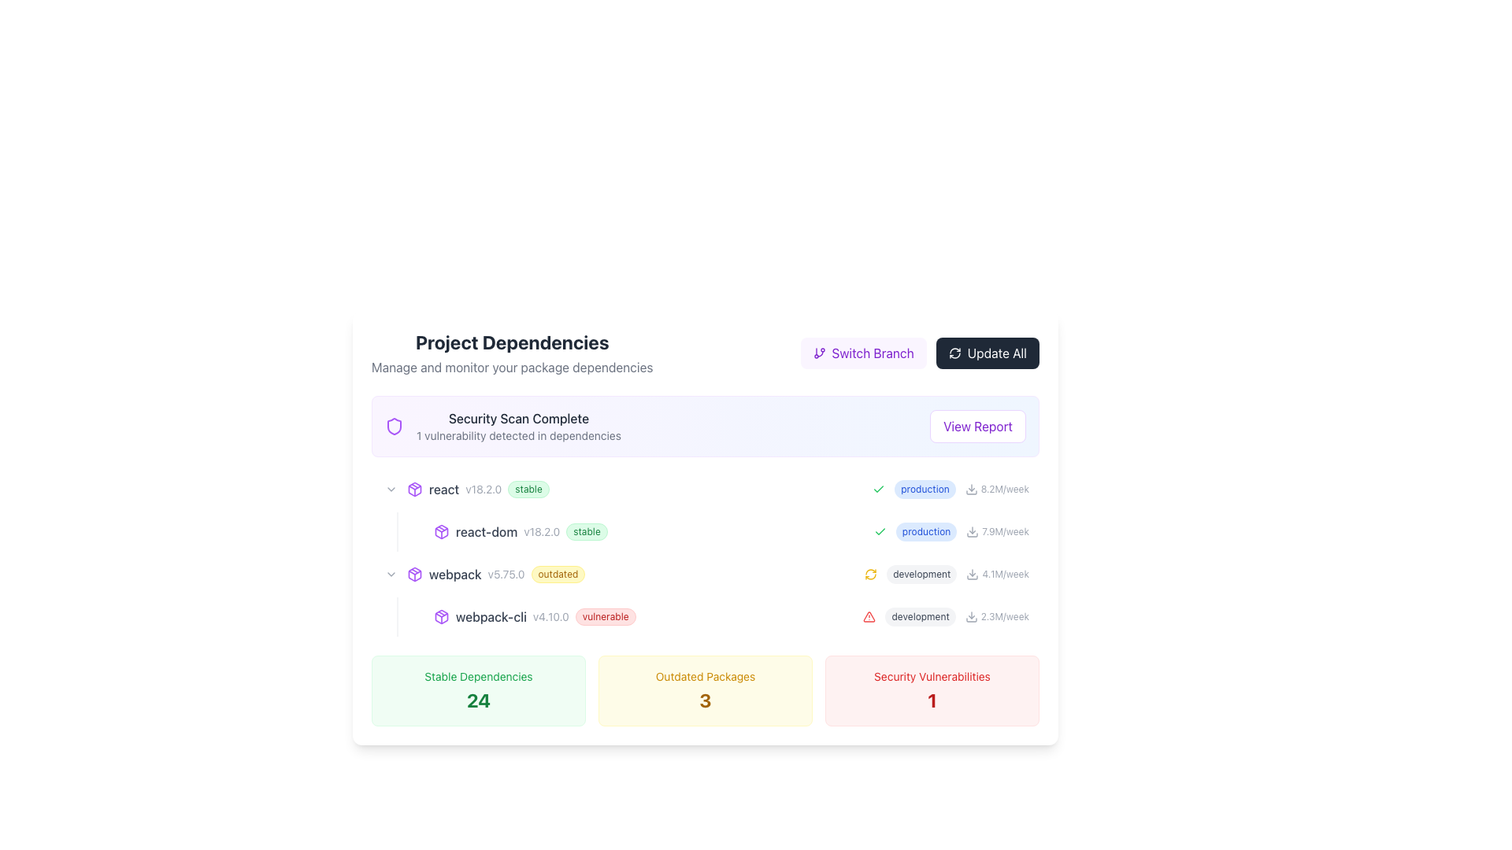 This screenshot has height=850, width=1512. What do you see at coordinates (819, 352) in the screenshot?
I see `the compact icon depicting a branching tree structure, styled with a minimalistic stroke design in purple, located to the left of the 'Switch Branch' text in the button group at the top right corner of the interface` at bounding box center [819, 352].